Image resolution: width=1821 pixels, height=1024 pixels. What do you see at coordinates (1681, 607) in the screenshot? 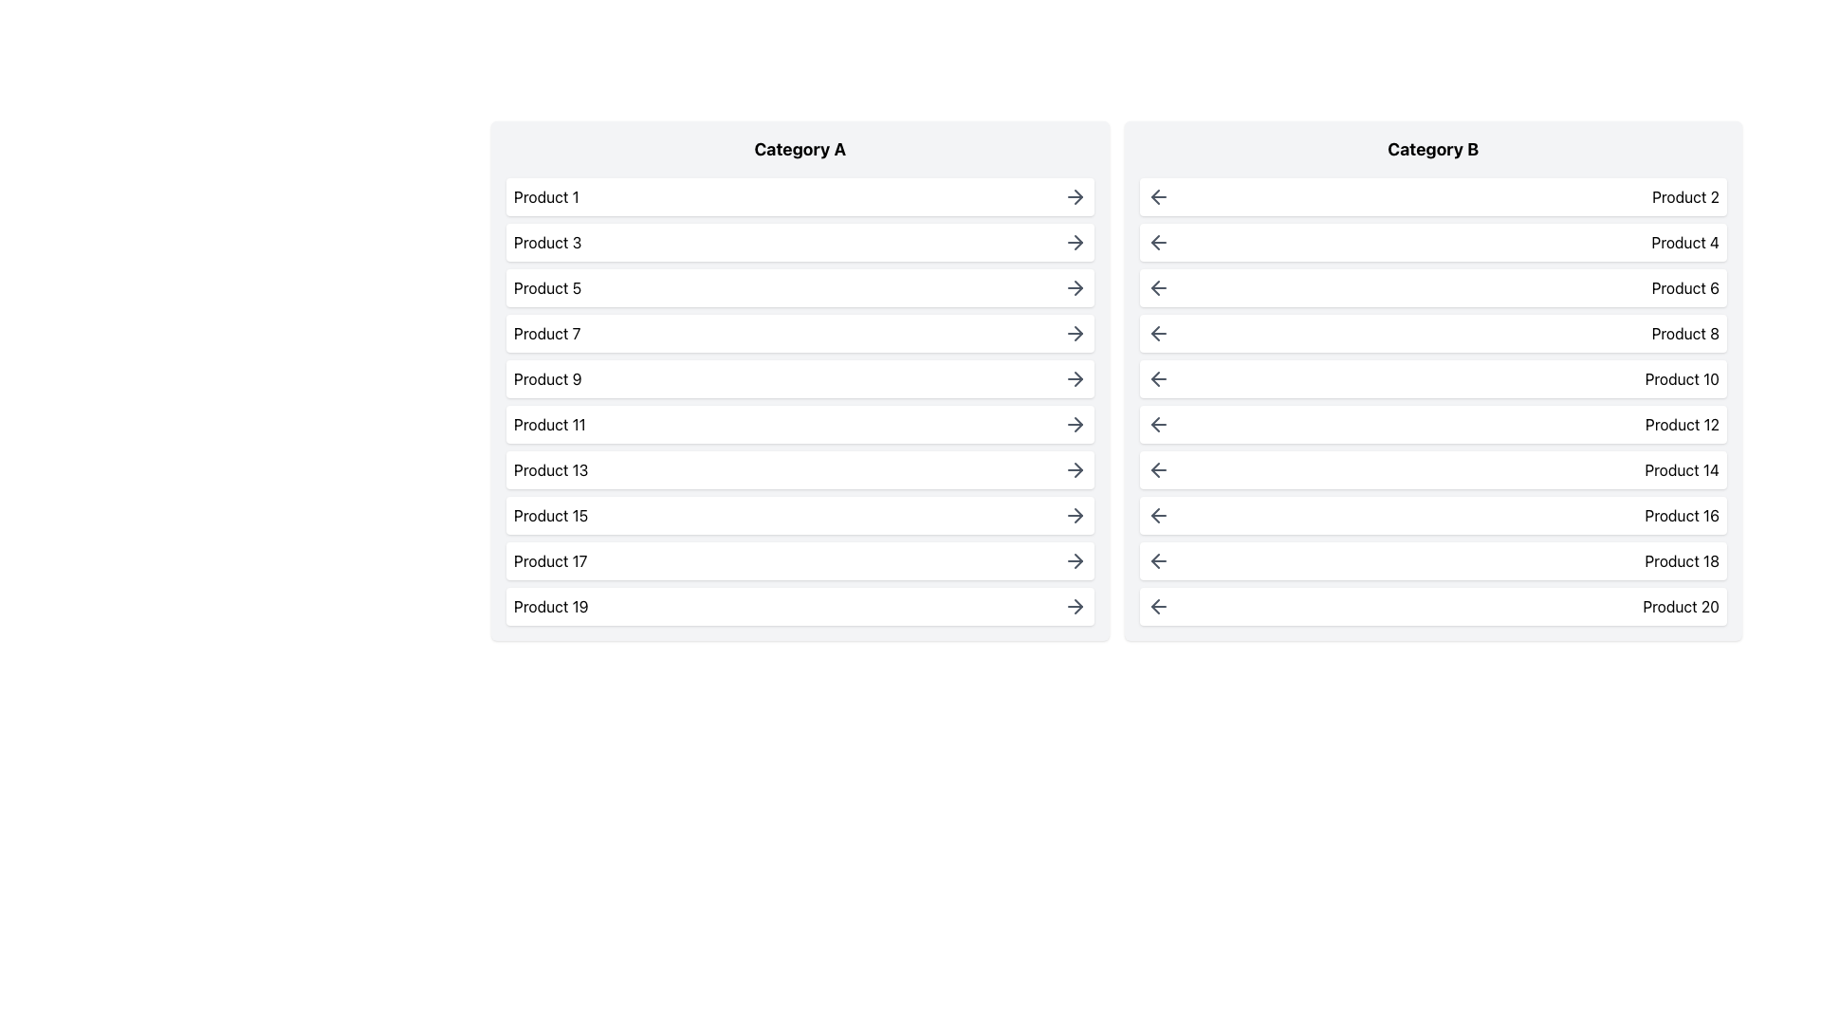
I see `the text label displaying 'Product 20' in bold black font, located at the bottom of the second column in a two-column layout` at bounding box center [1681, 607].